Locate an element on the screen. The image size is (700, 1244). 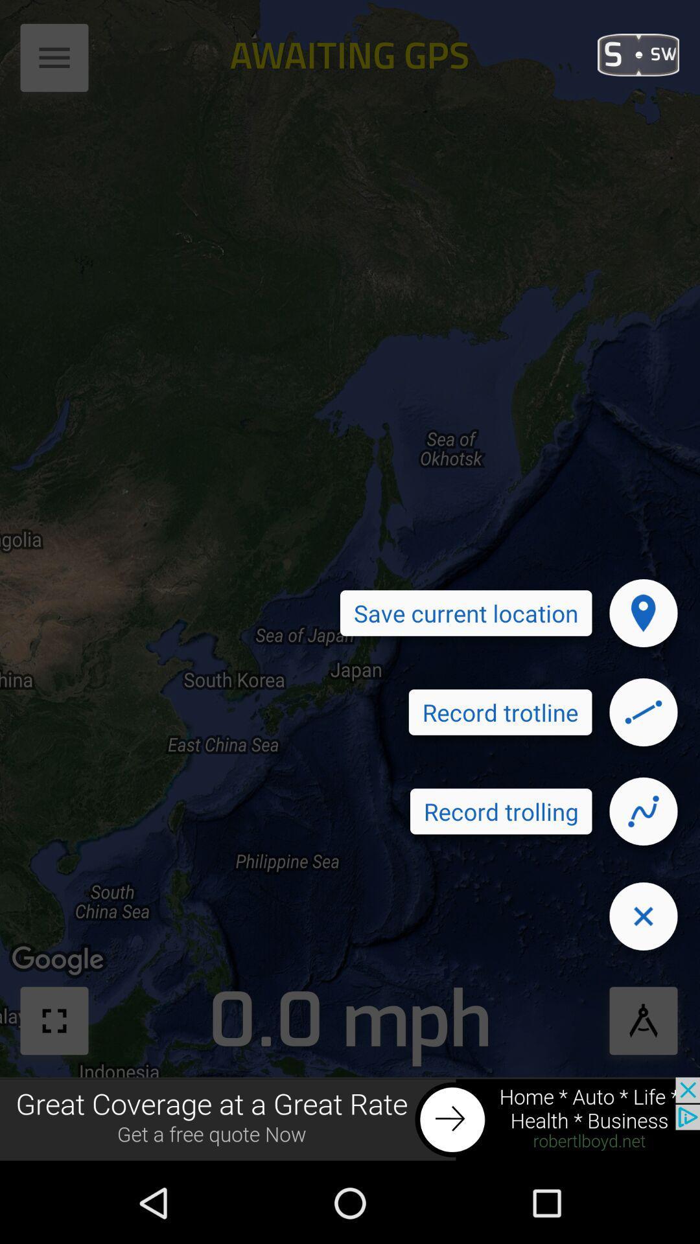
draw the line is located at coordinates (643, 711).